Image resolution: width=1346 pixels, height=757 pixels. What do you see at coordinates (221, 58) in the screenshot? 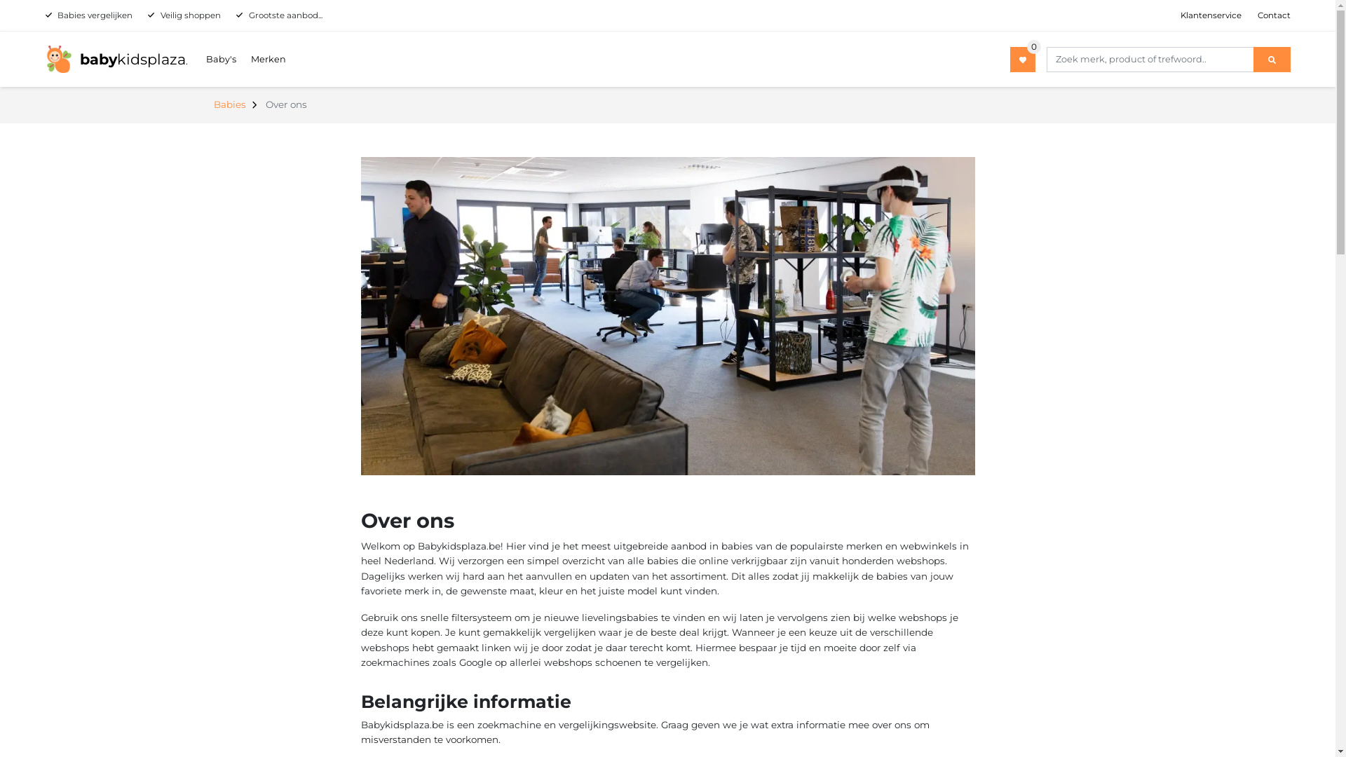
I see `'Baby's'` at bounding box center [221, 58].